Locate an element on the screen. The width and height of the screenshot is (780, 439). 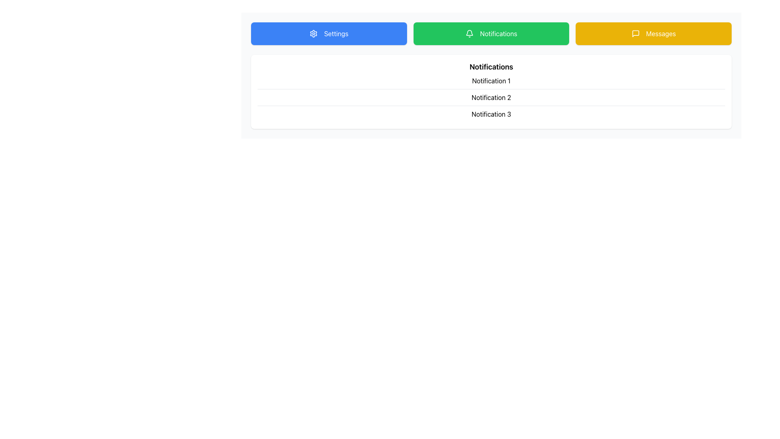
the Notifications button which features a bell icon as its centerpiece, providing access to notifications or alerts is located at coordinates (469, 32).